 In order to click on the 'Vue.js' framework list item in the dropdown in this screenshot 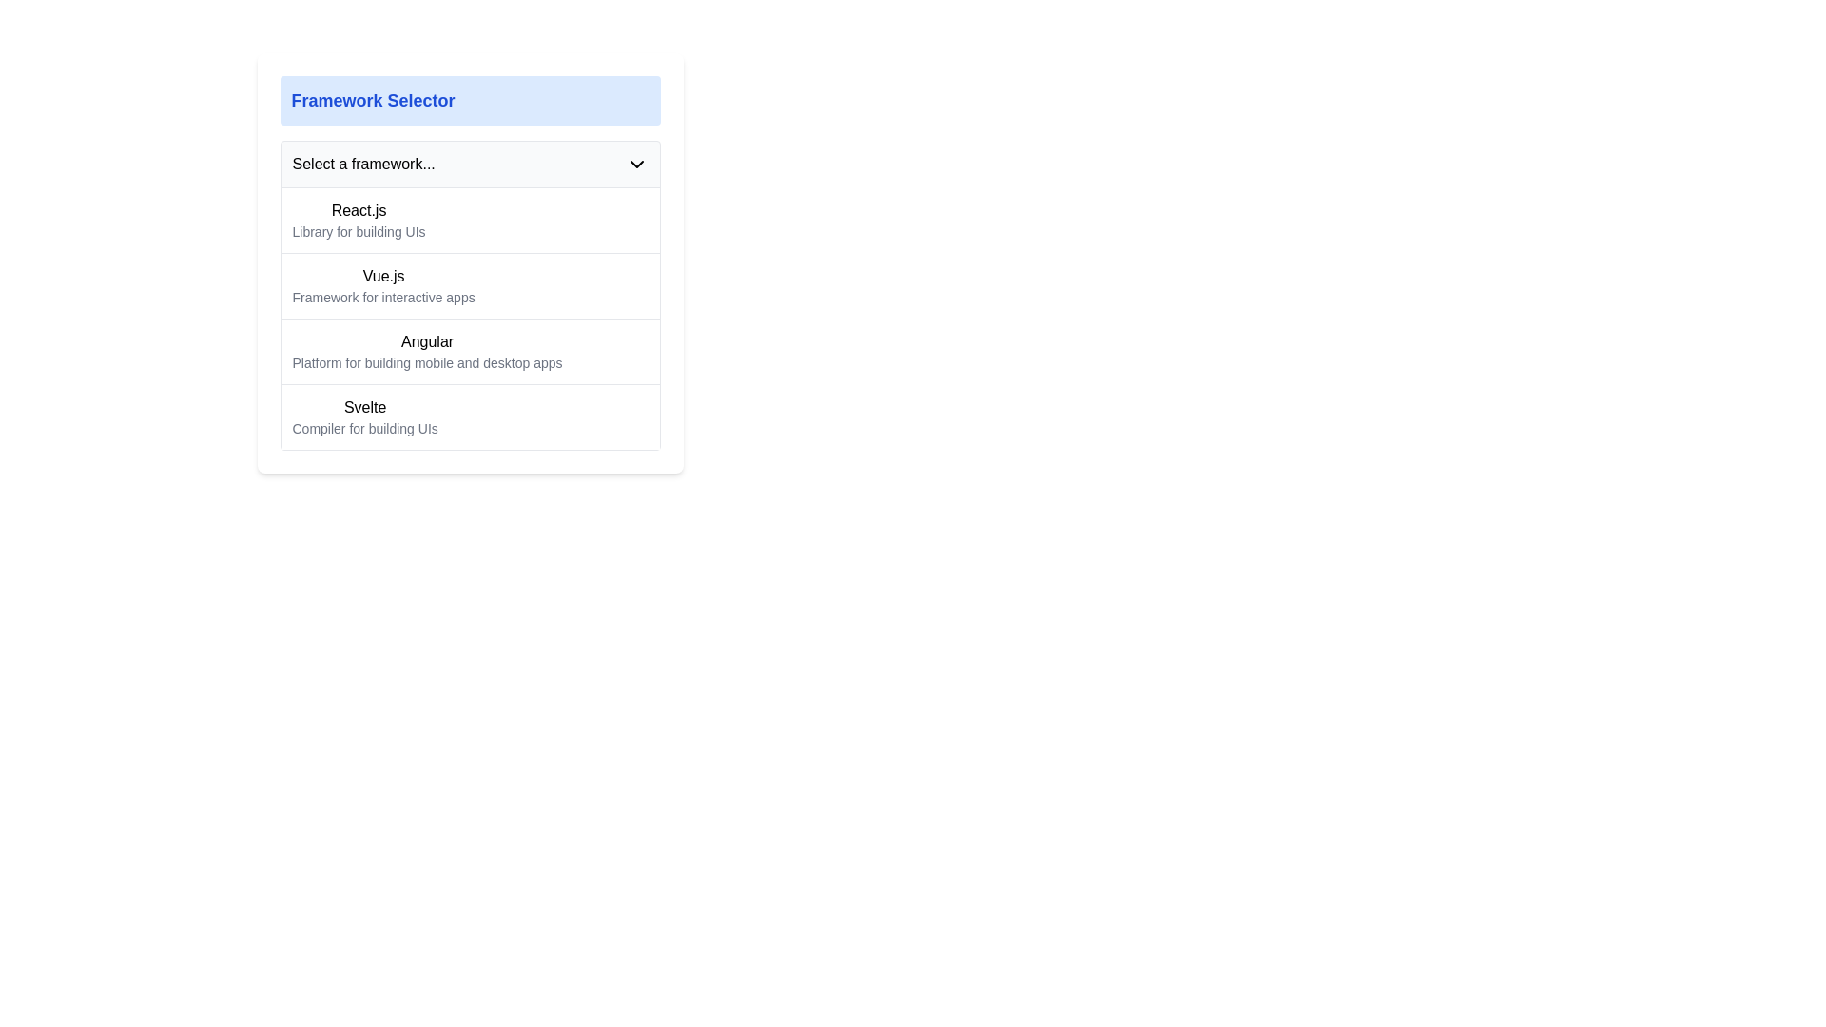, I will do `click(382, 285)`.